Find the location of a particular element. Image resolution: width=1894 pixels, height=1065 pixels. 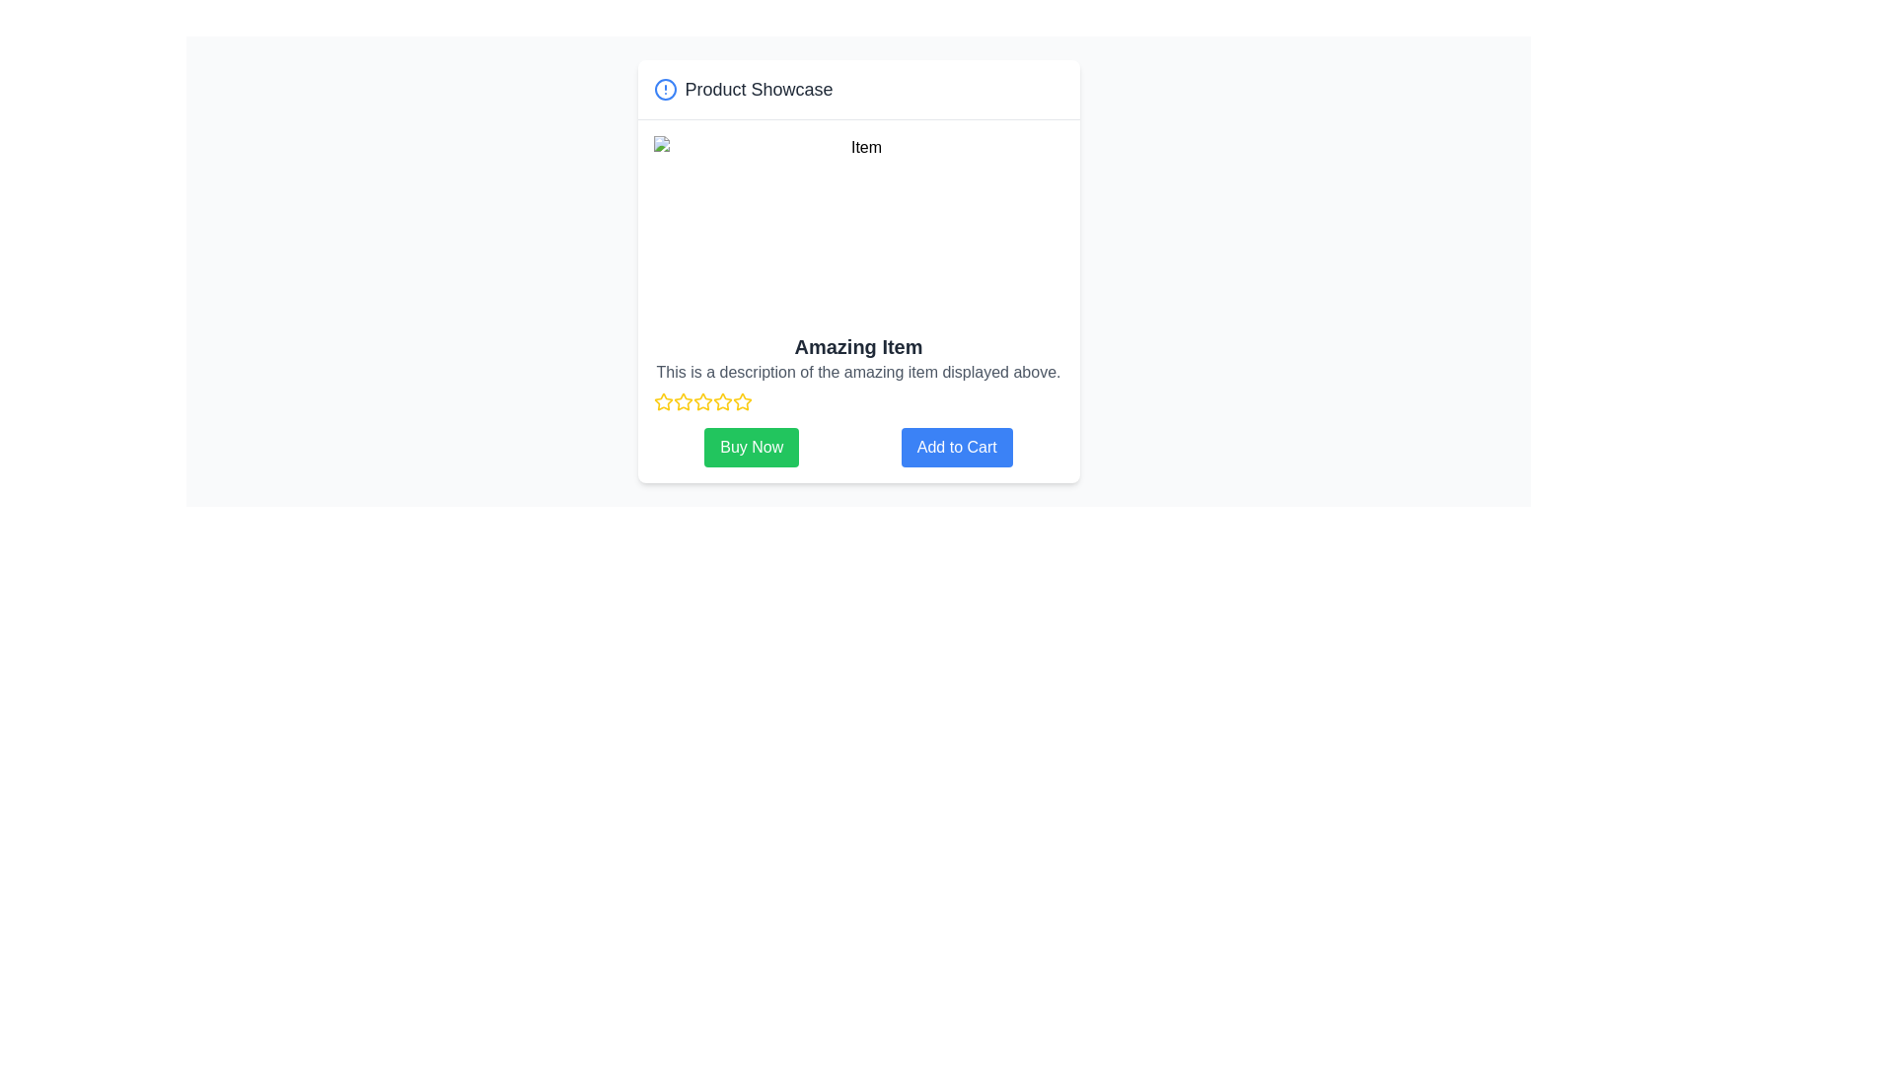

the circular SVG element with a blue border is located at coordinates (665, 90).